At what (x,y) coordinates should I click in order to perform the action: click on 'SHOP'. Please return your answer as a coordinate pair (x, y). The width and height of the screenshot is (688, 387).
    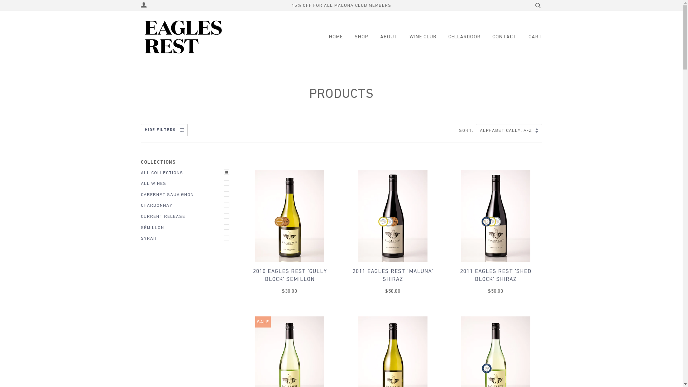
    Looking at the image, I should click on (356, 36).